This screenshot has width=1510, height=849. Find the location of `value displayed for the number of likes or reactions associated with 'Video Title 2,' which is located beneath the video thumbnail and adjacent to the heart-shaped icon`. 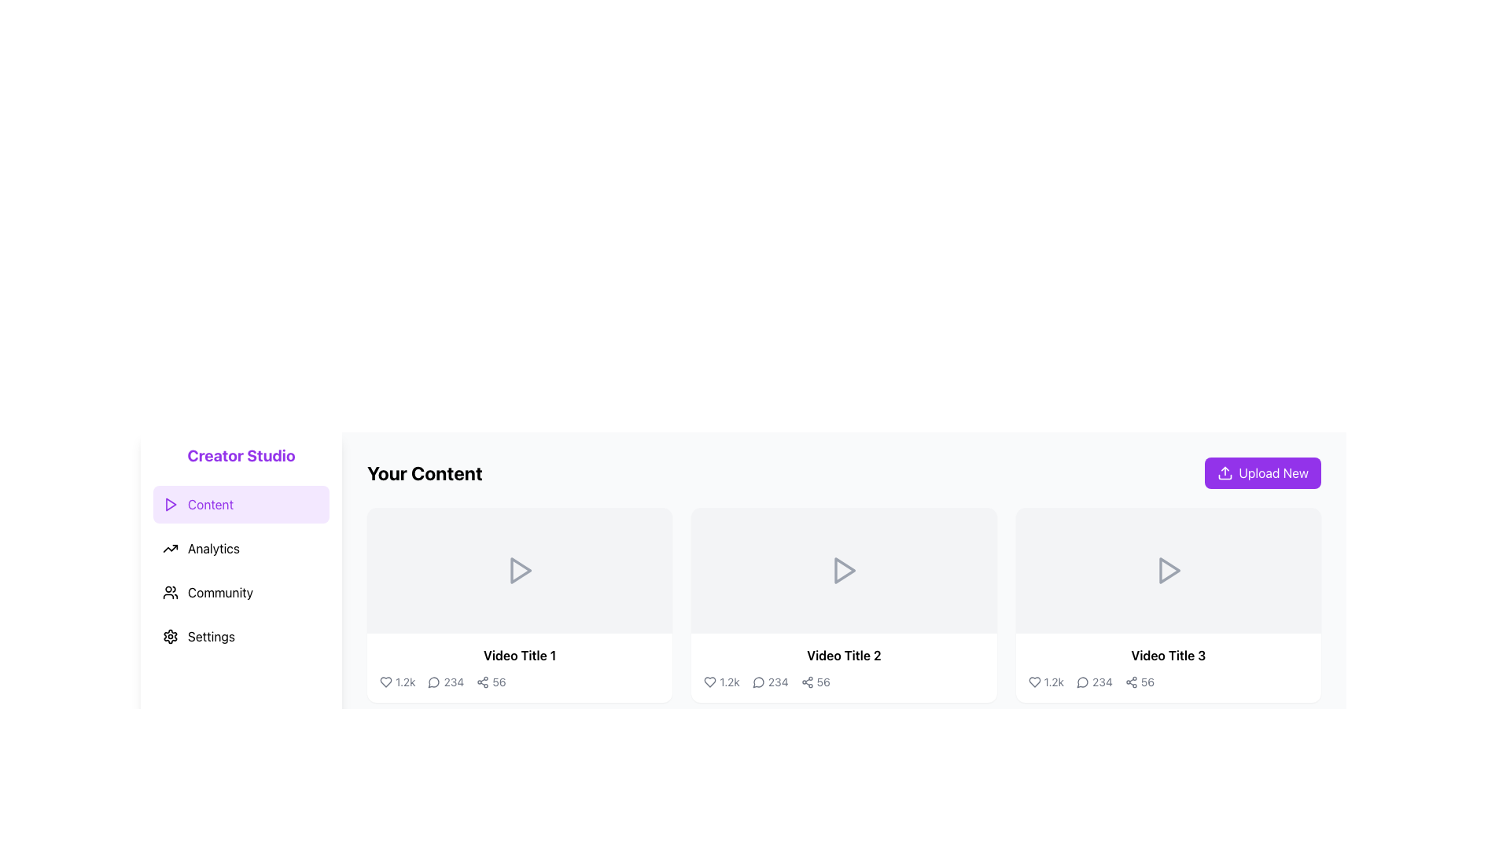

value displayed for the number of likes or reactions associated with 'Video Title 2,' which is located beneath the video thumbnail and adjacent to the heart-shaped icon is located at coordinates (729, 681).